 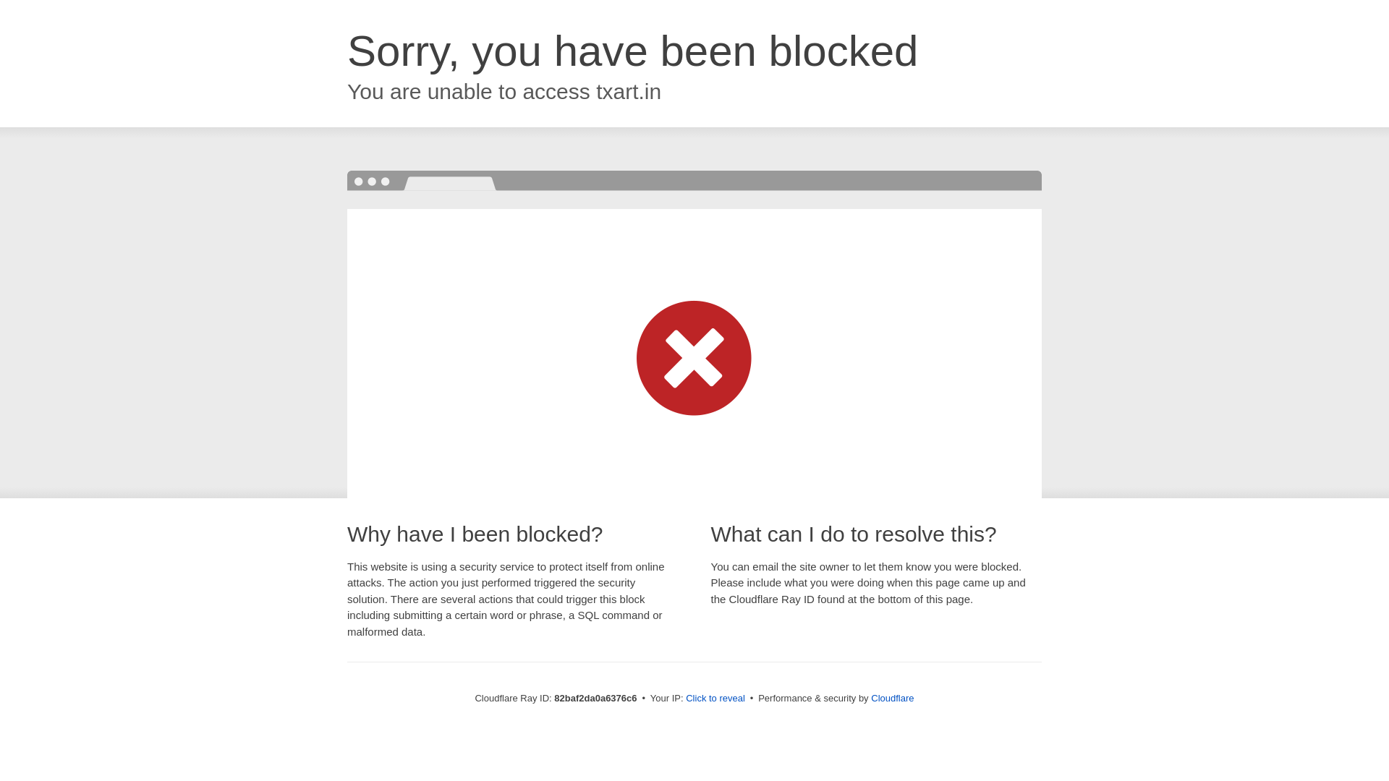 I want to click on 'Click to reveal', so click(x=715, y=697).